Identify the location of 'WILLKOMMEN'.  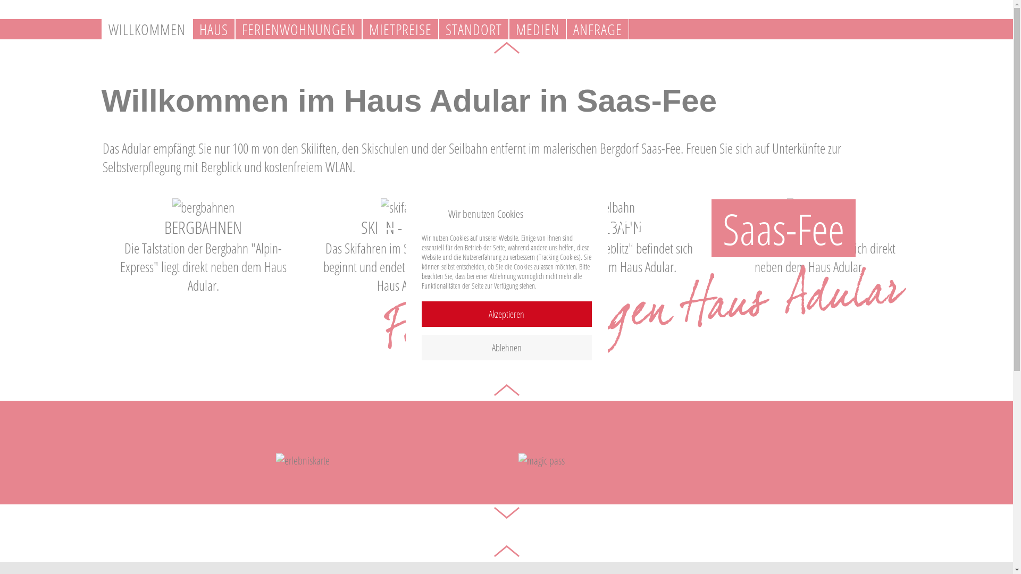
(146, 28).